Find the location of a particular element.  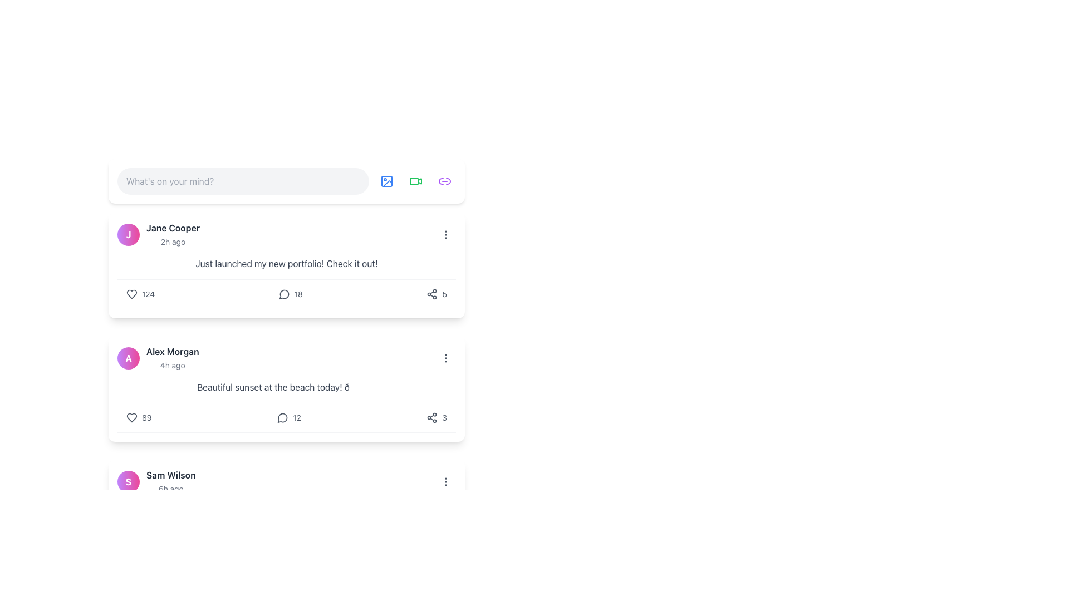

the green video camera icon located in the top-right corner of the interface is located at coordinates (415, 181).